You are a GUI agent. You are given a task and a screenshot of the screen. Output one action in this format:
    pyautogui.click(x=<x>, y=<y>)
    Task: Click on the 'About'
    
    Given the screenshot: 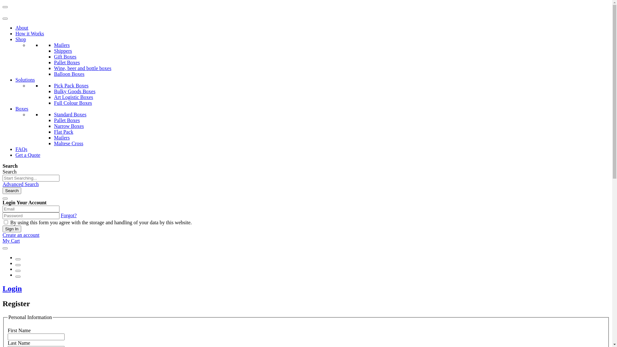 What is the action you would take?
    pyautogui.click(x=22, y=27)
    